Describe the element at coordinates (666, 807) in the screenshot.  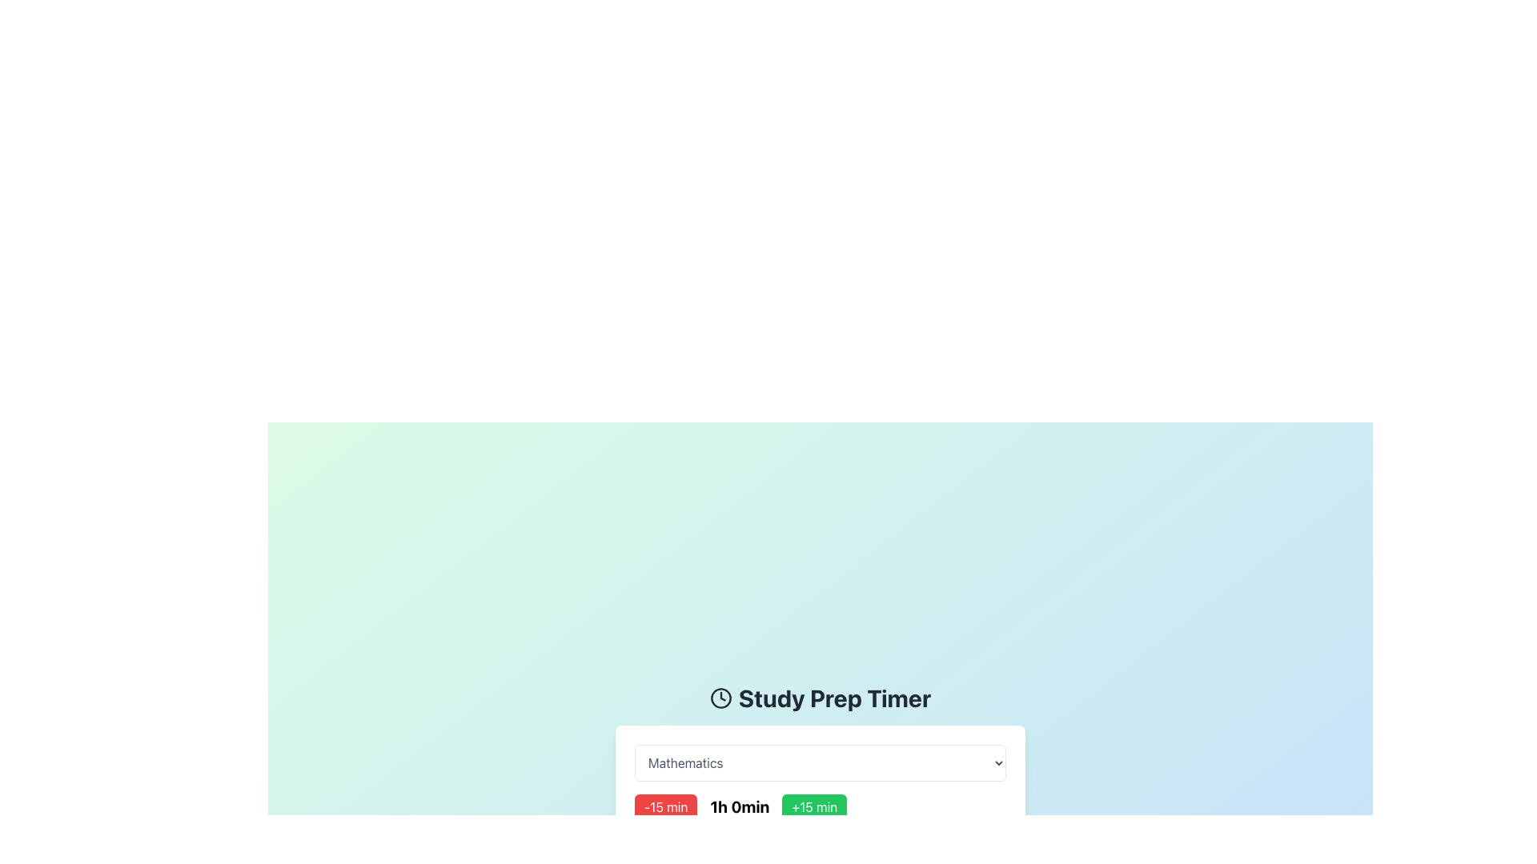
I see `the red button labeled '-15 min' to decrease the timer by 15 minutes` at that location.